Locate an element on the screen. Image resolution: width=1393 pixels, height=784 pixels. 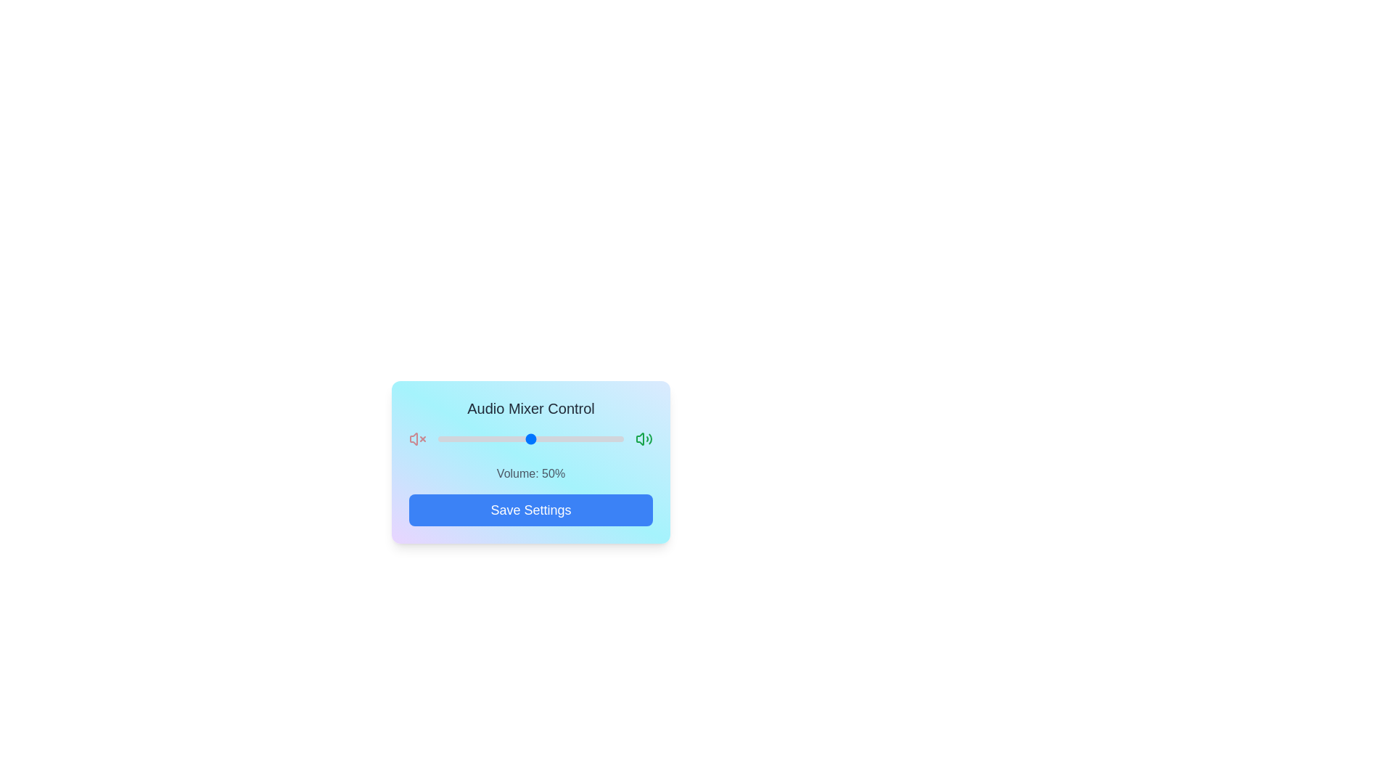
the volume slider to set the volume to 69% is located at coordinates (565, 438).